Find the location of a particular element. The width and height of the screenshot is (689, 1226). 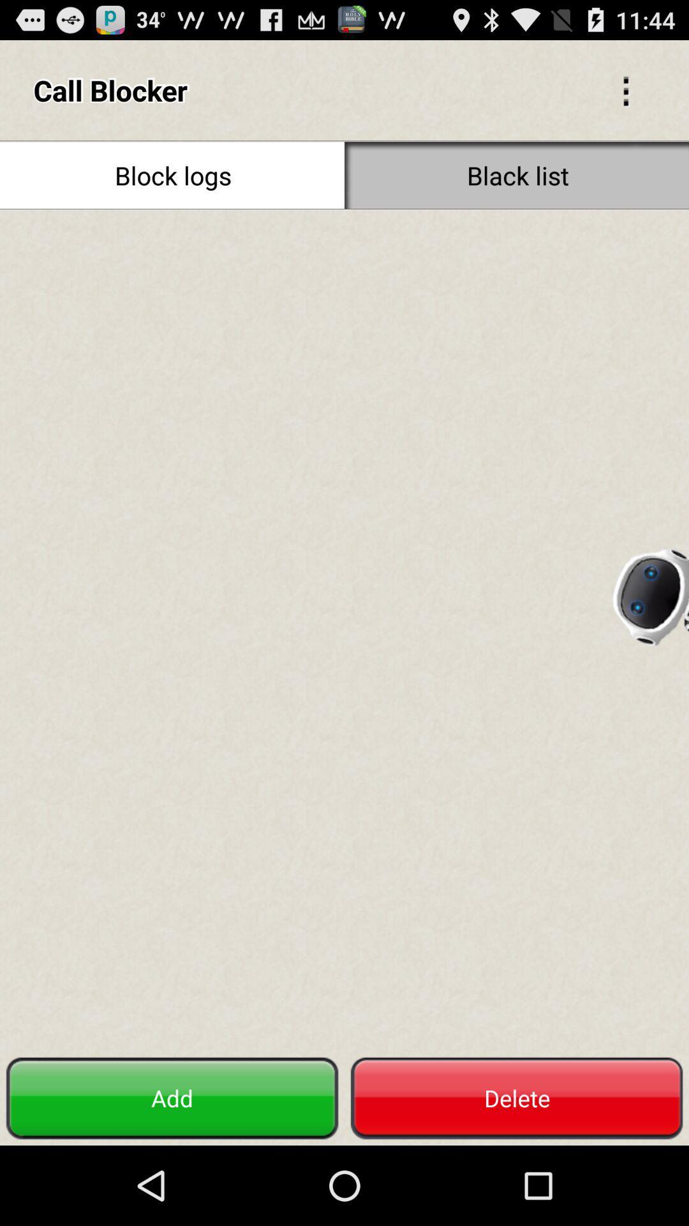

button at the bottom left corner is located at coordinates (172, 1098).